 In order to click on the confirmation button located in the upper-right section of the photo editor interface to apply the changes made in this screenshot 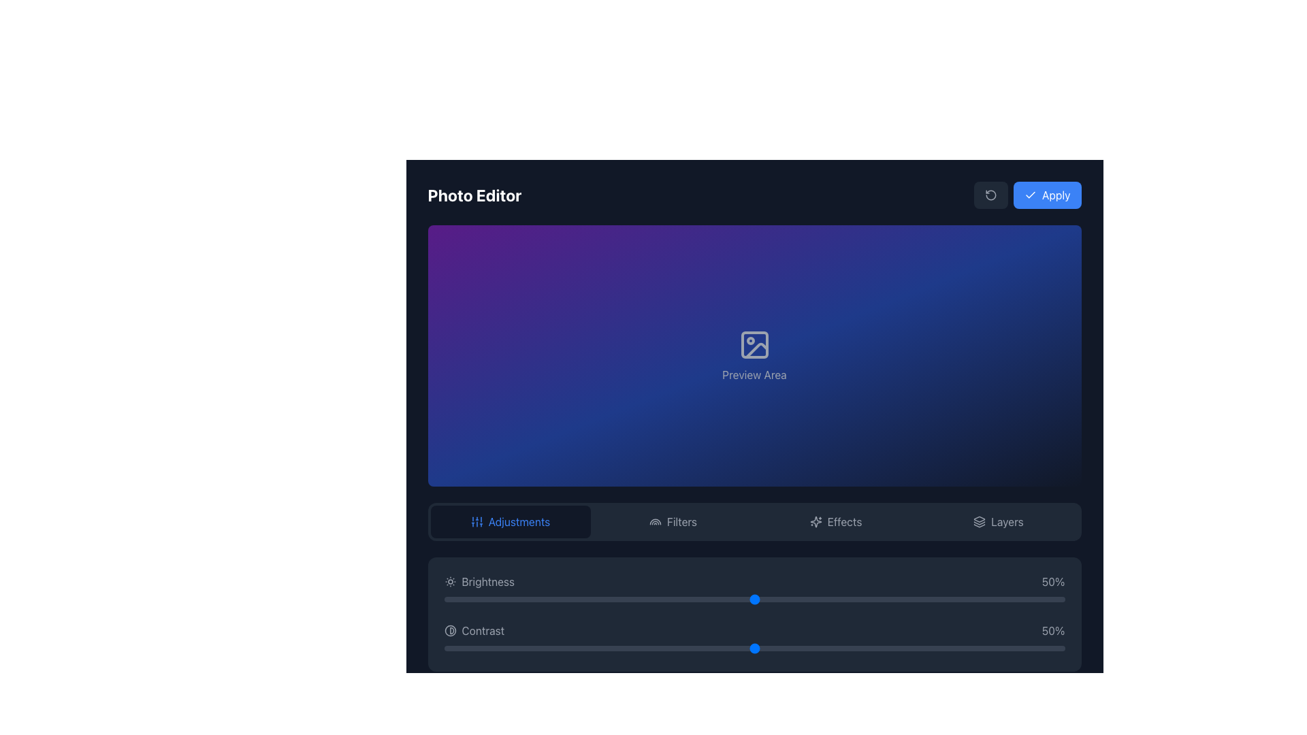, I will do `click(1027, 195)`.